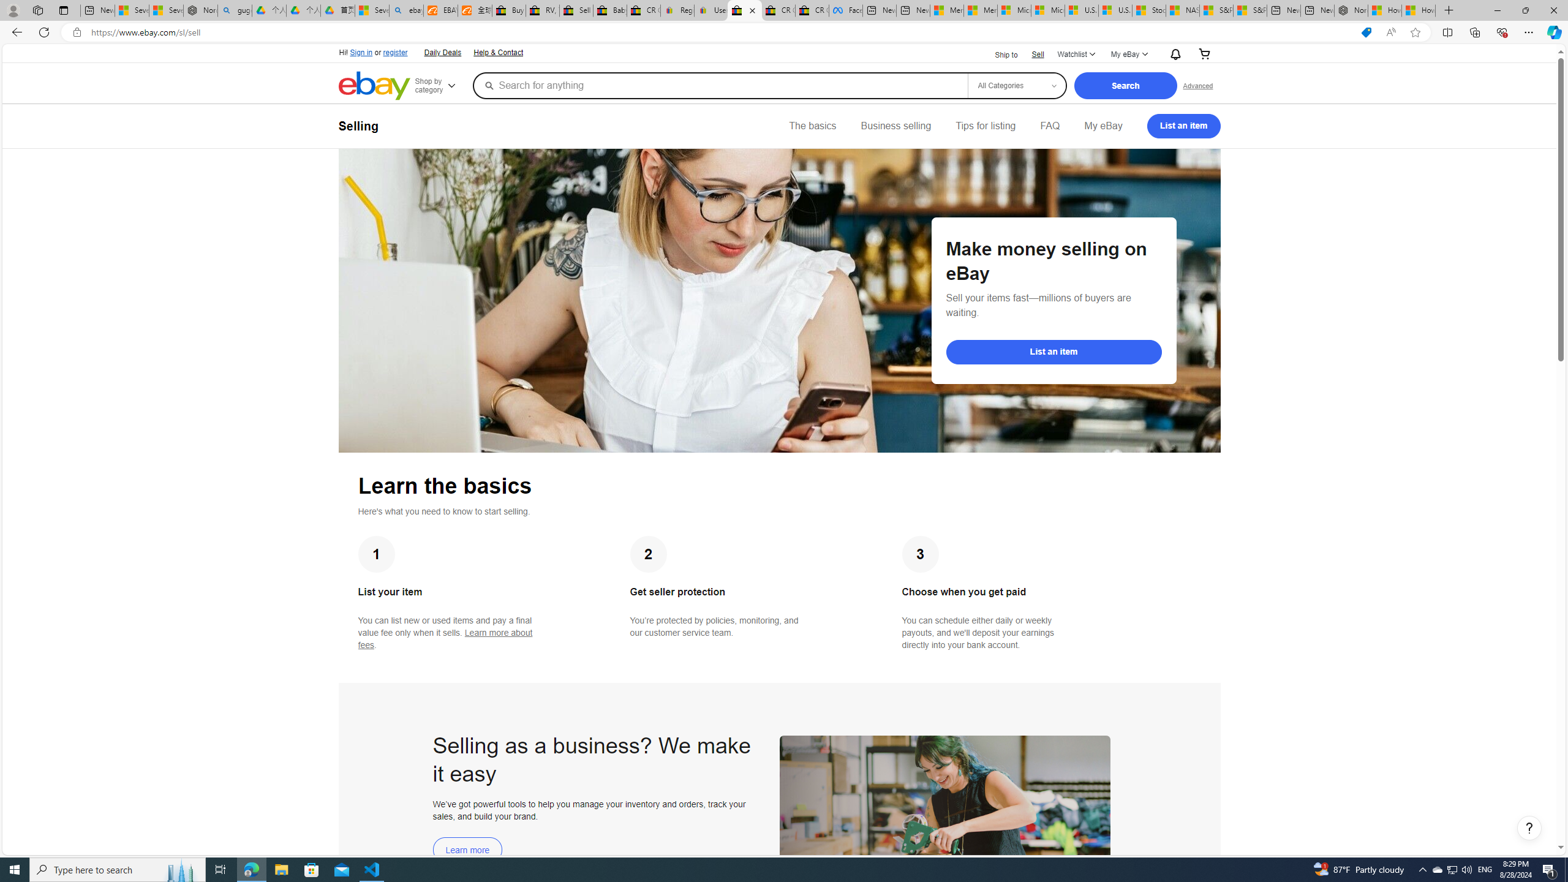  Describe the element at coordinates (1049, 125) in the screenshot. I see `'FAQ'` at that location.